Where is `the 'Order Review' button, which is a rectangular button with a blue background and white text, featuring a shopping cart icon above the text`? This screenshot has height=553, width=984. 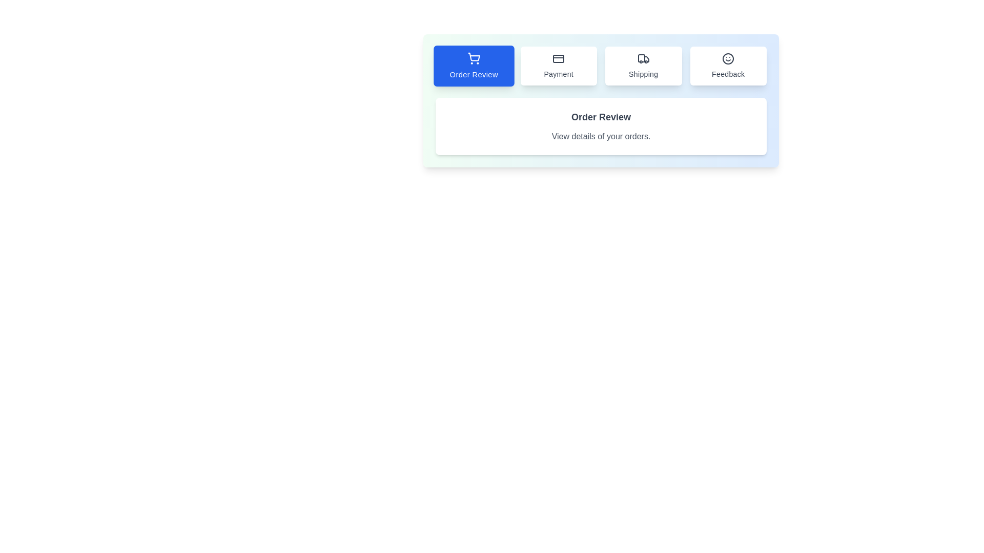
the 'Order Review' button, which is a rectangular button with a blue background and white text, featuring a shopping cart icon above the text is located at coordinates (473, 66).